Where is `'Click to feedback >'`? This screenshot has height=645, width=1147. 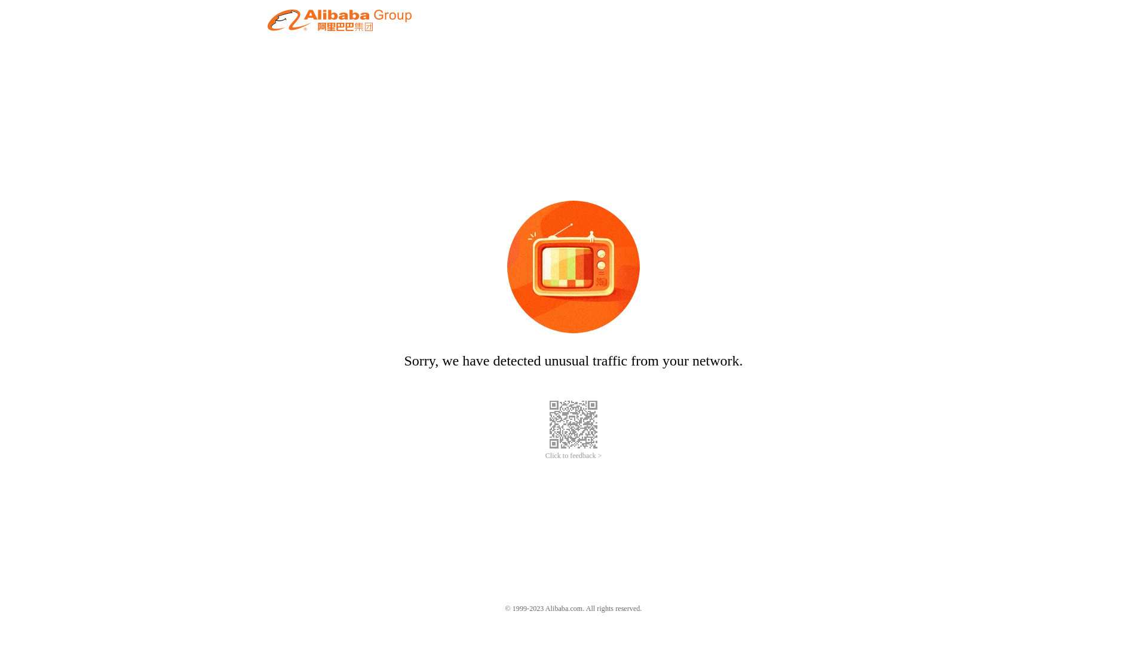
'Click to feedback >' is located at coordinates (544, 456).